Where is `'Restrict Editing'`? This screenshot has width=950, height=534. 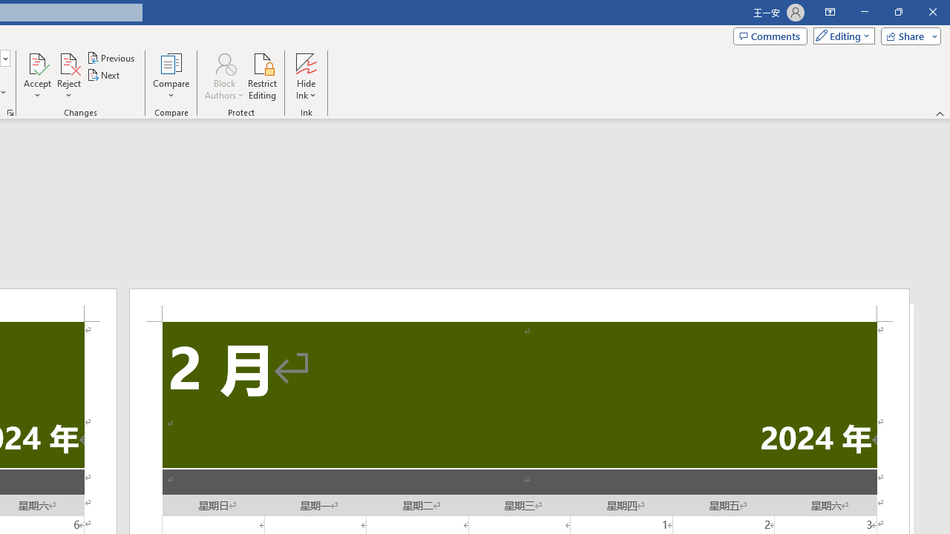 'Restrict Editing' is located at coordinates (262, 76).